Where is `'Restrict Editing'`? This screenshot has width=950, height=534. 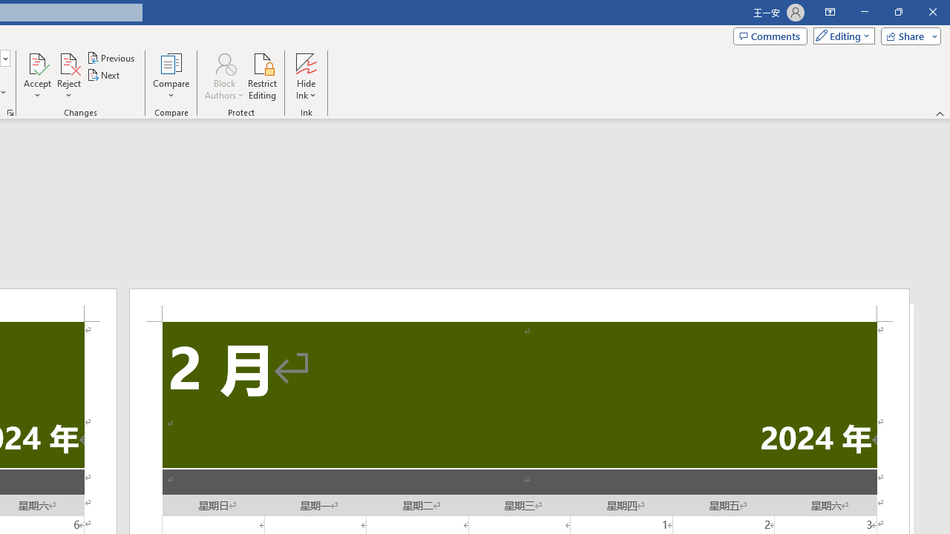 'Restrict Editing' is located at coordinates (262, 76).